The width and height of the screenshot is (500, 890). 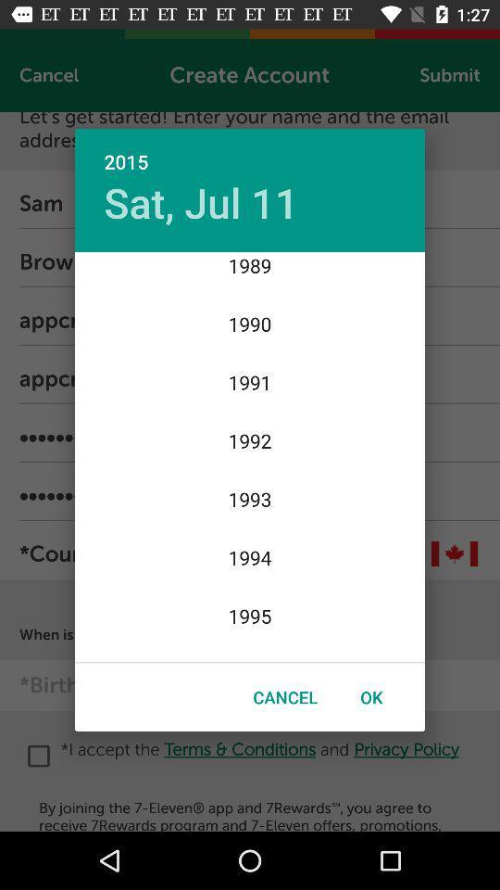 I want to click on item next to the cancel icon, so click(x=371, y=696).